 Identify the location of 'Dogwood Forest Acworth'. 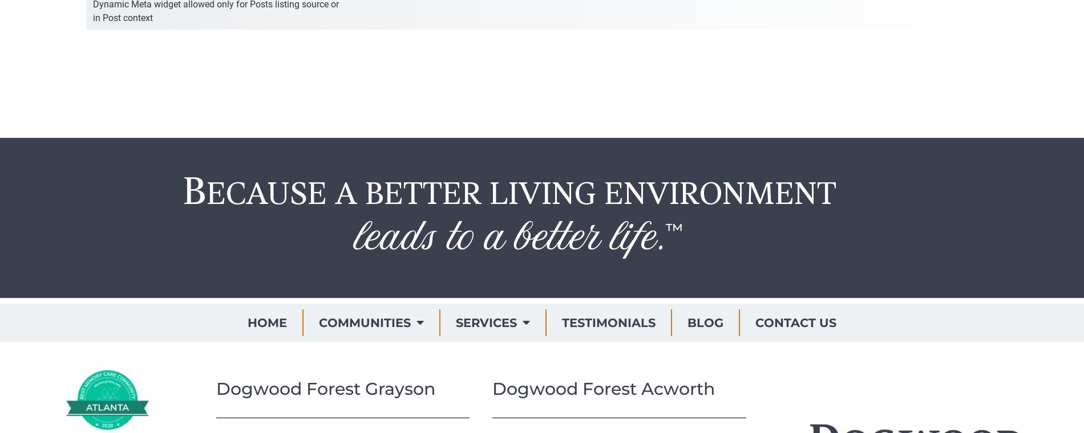
(491, 388).